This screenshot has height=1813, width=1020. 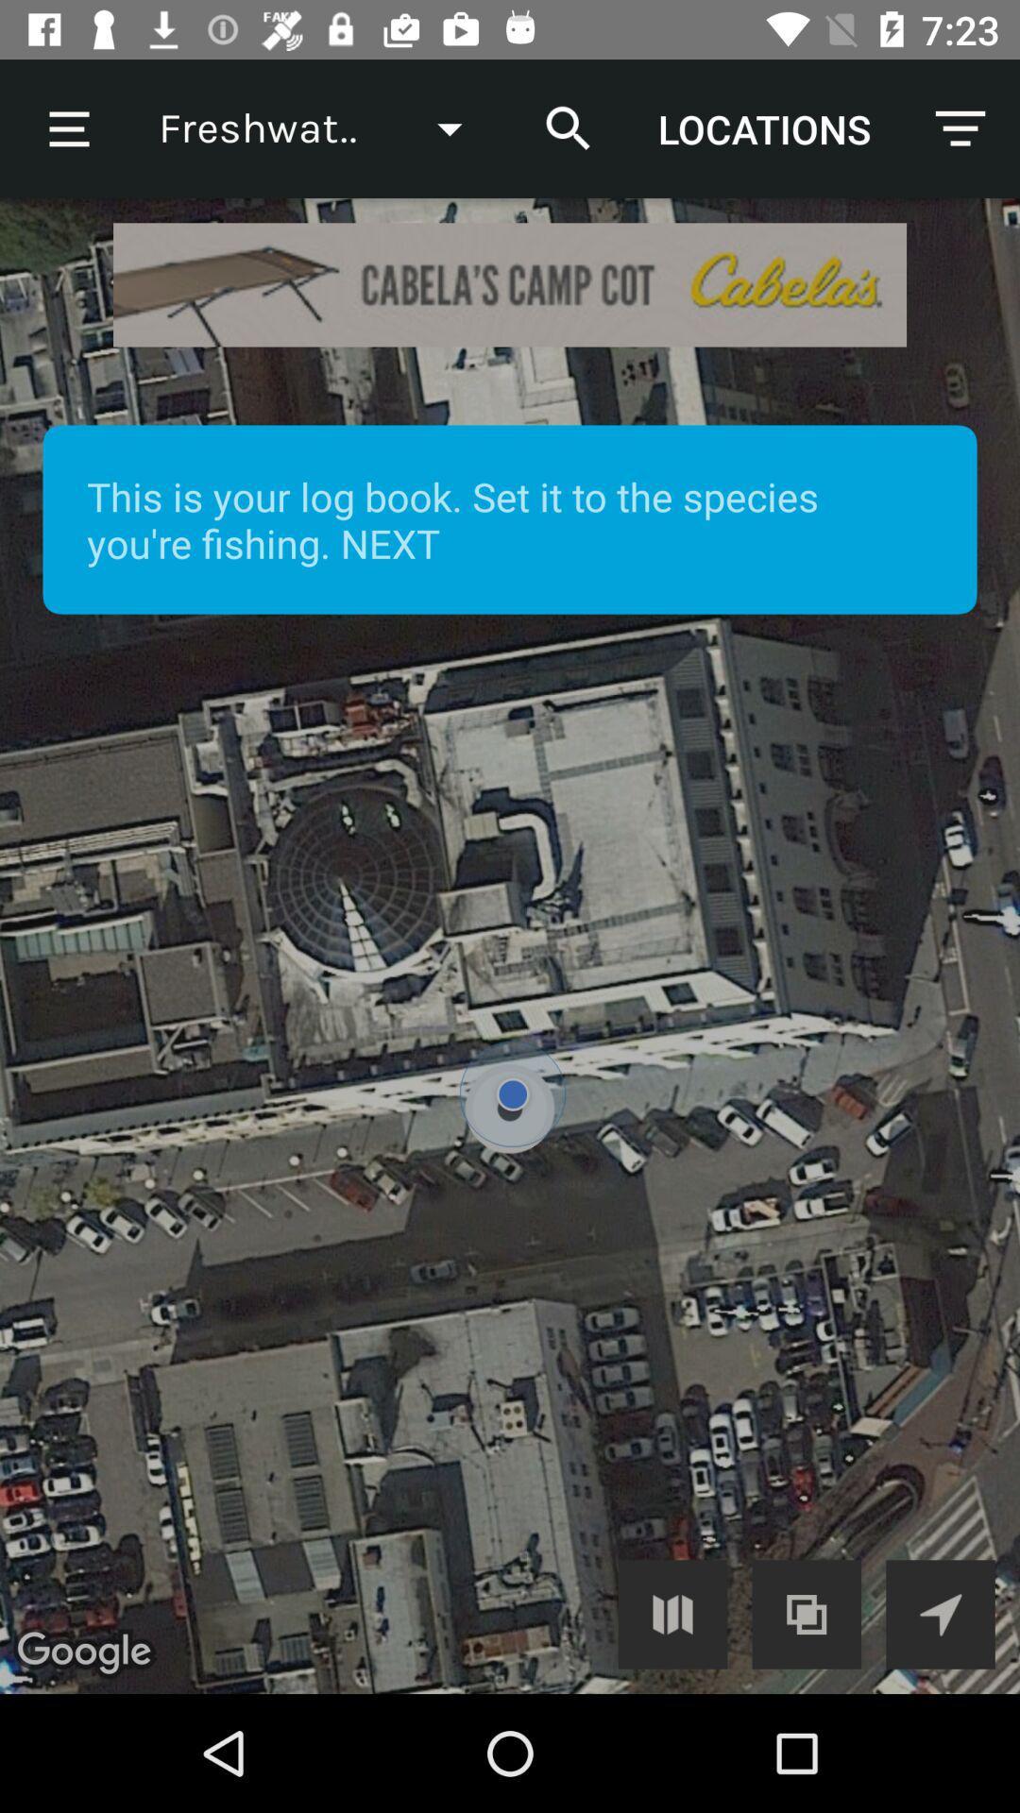 I want to click on drop point, so click(x=510, y=946).